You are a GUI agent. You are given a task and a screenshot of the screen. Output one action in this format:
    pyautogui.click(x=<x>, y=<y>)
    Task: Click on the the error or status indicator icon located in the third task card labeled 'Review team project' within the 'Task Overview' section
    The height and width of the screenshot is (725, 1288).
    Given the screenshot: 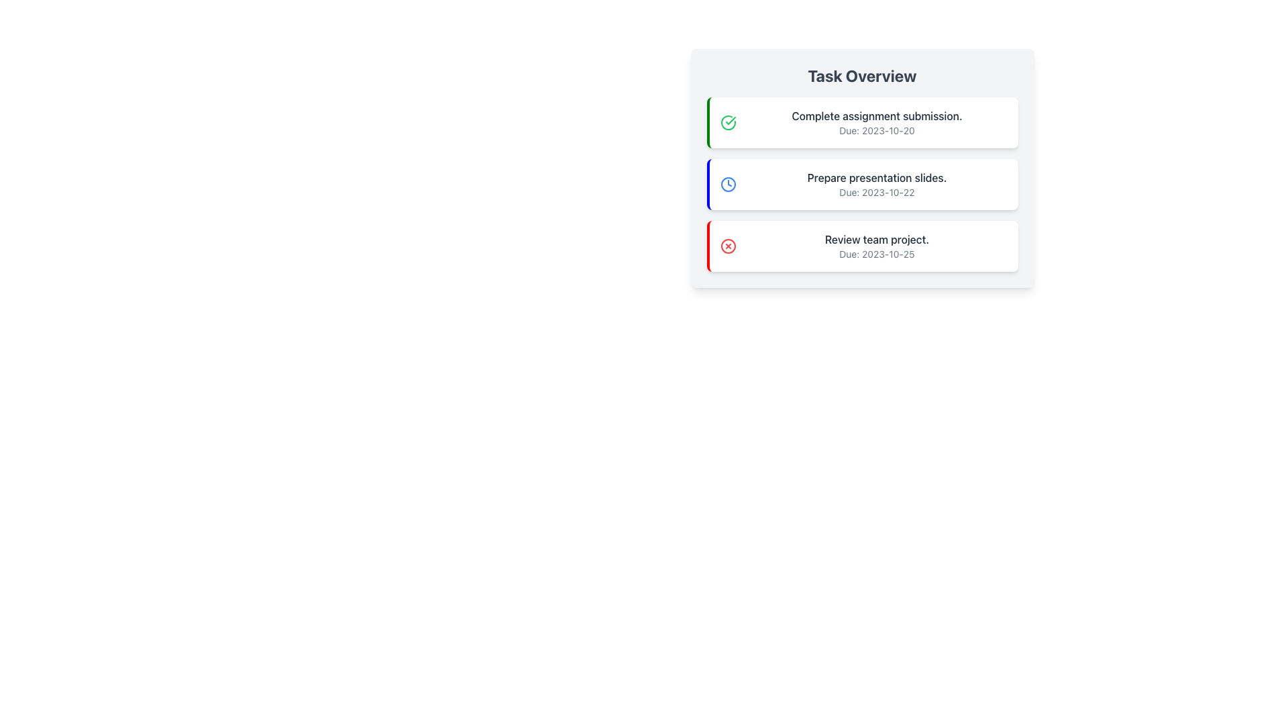 What is the action you would take?
    pyautogui.click(x=727, y=246)
    